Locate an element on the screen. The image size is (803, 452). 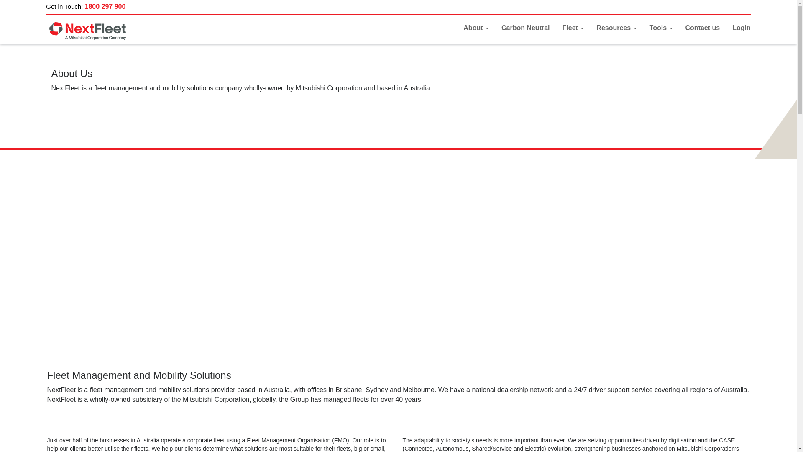
'1800 297 900' is located at coordinates (105, 6).